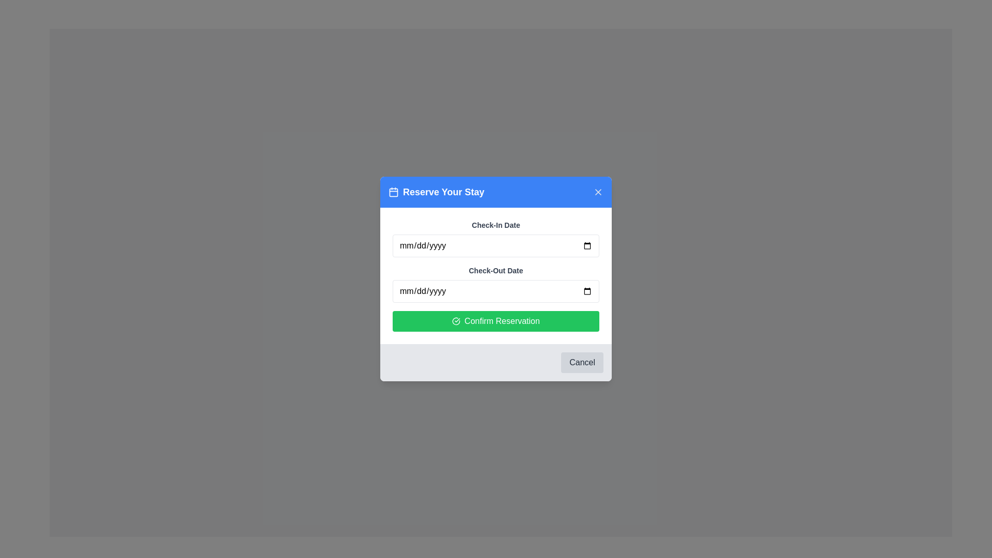 The width and height of the screenshot is (992, 558). Describe the element at coordinates (456, 320) in the screenshot. I see `the green circular icon with a check mark symbol, which is positioned to the left of the 'Confirm Reservation' button in the modal dialog` at that location.